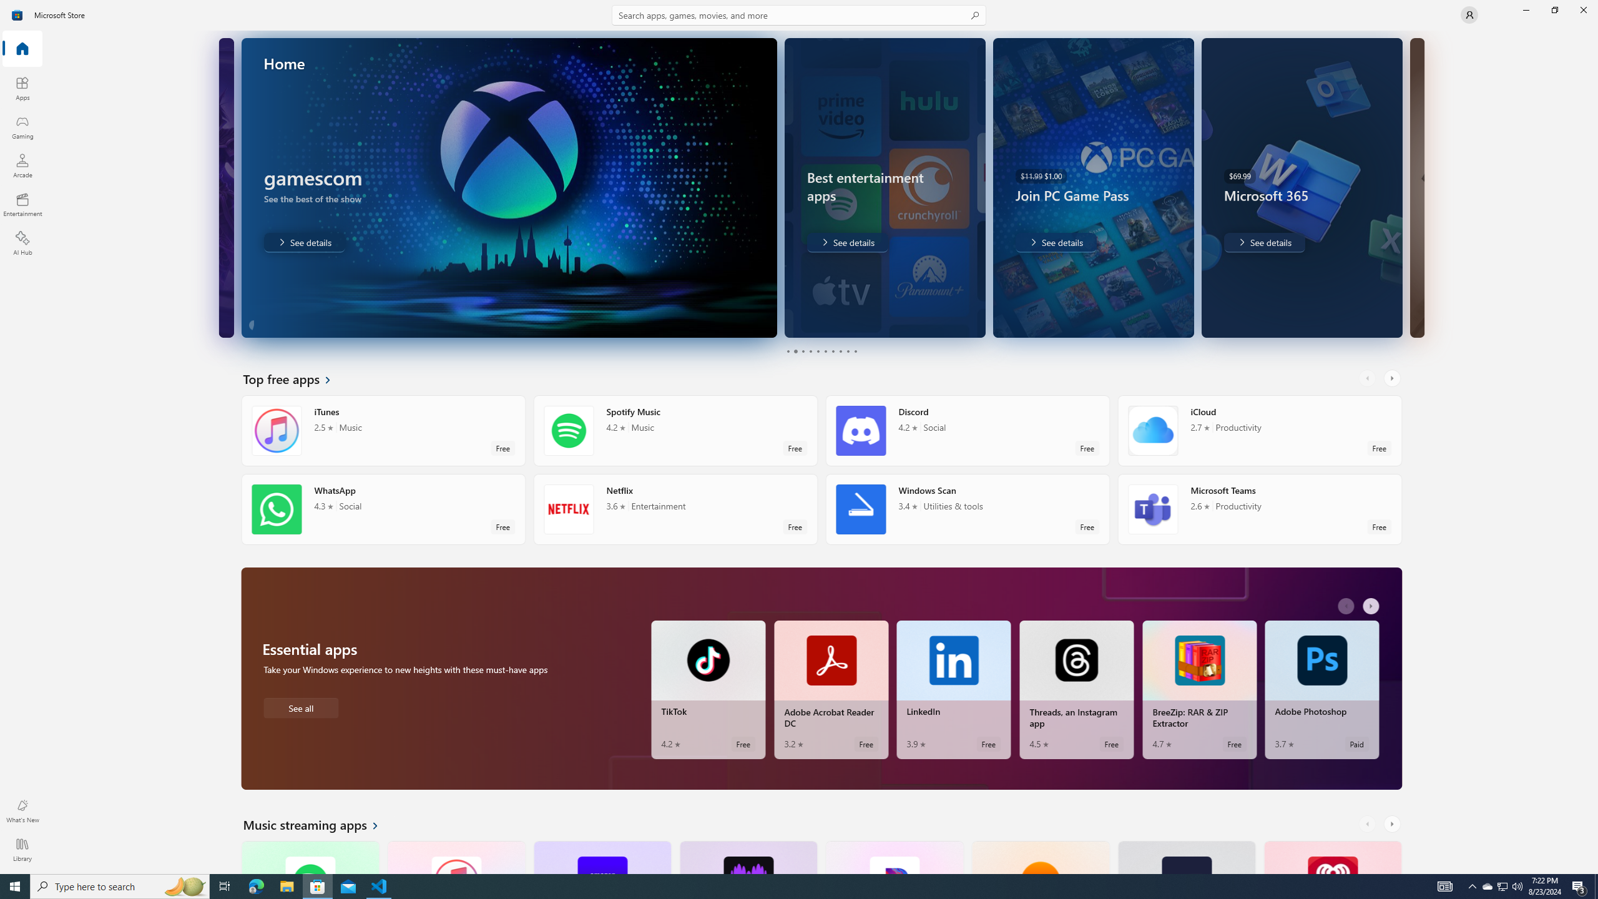 Image resolution: width=1598 pixels, height=899 pixels. Describe the element at coordinates (21, 88) in the screenshot. I see `'Apps'` at that location.